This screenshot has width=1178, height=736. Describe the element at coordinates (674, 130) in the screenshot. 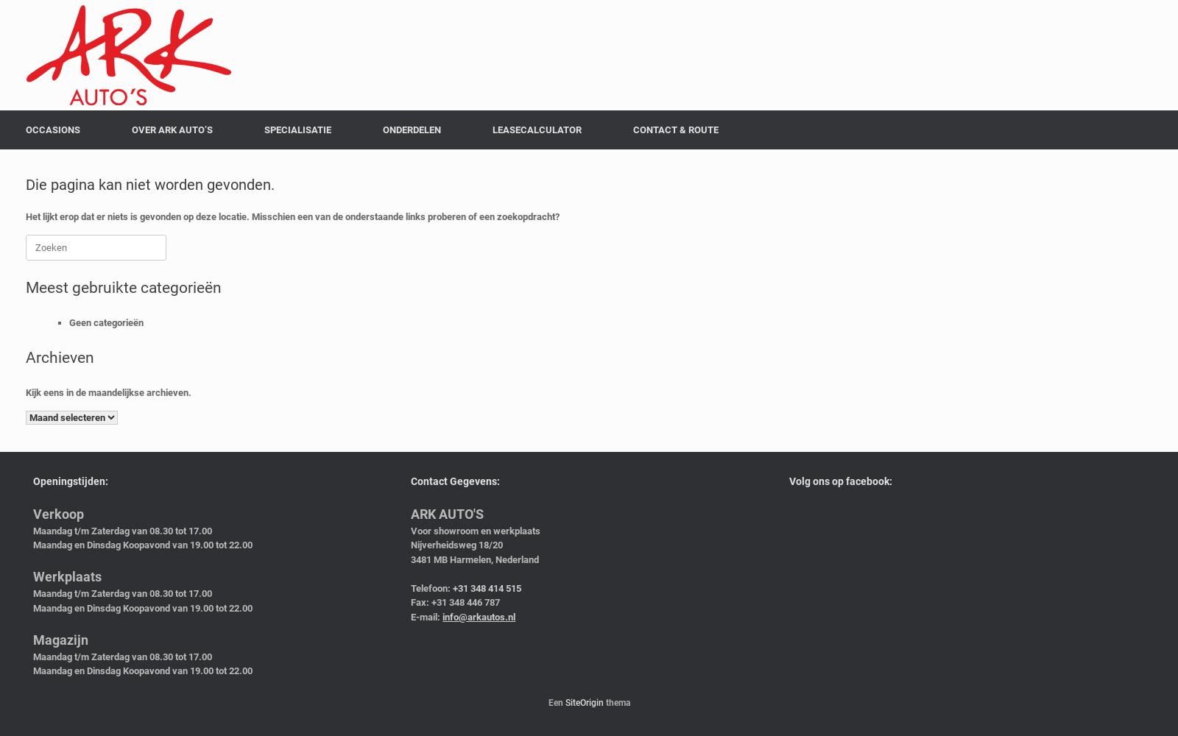

I see `'CONTACT & ROUTE'` at that location.